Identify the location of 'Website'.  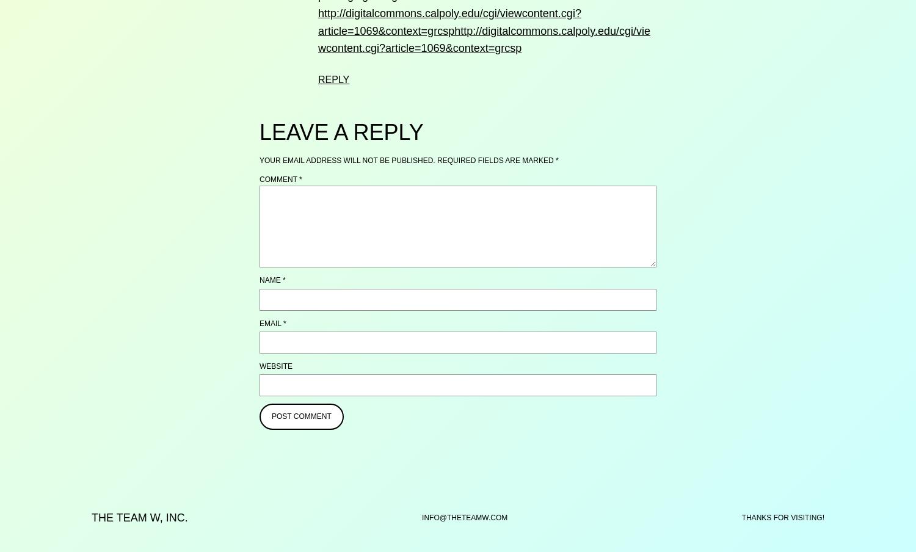
(275, 365).